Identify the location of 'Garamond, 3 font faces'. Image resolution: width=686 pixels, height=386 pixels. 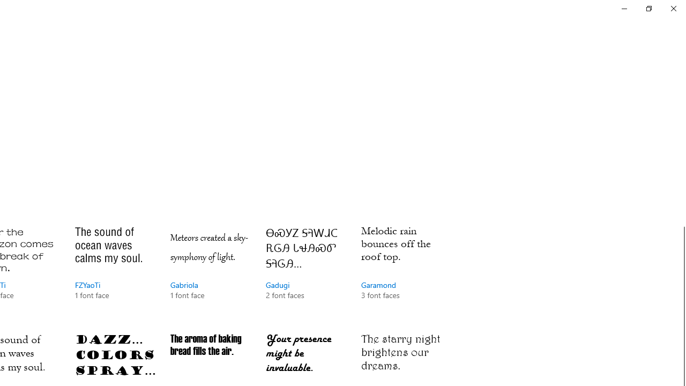
(400, 272).